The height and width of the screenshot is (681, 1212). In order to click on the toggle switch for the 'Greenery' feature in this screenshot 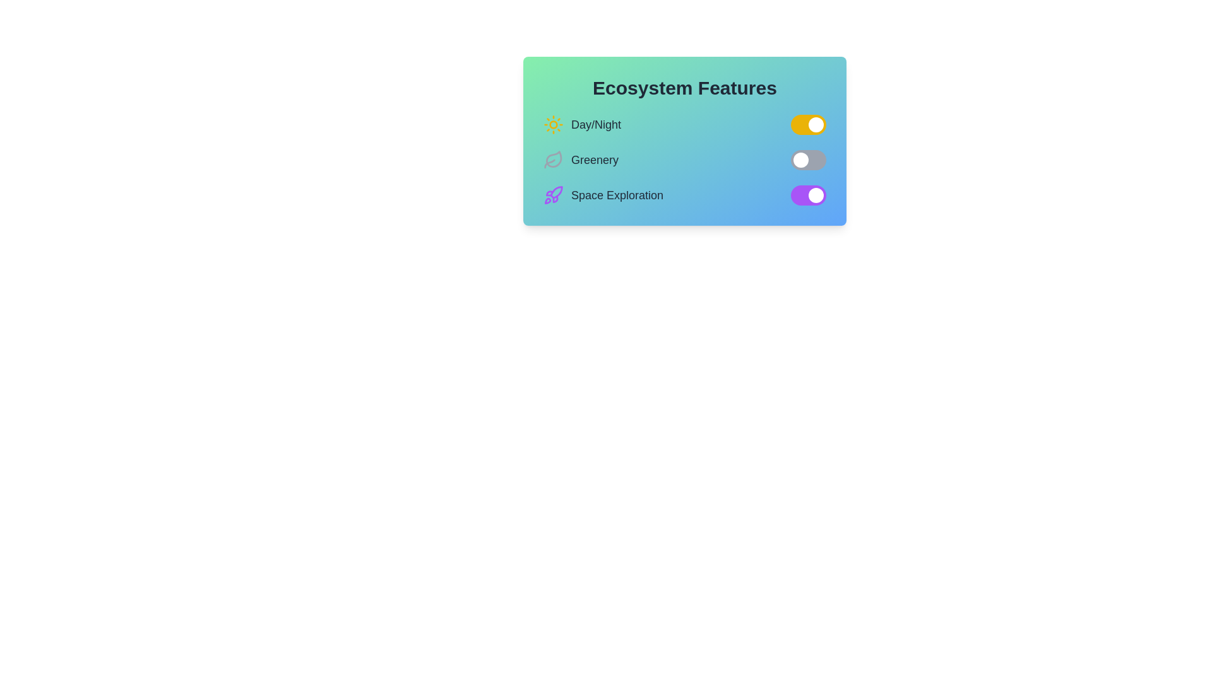, I will do `click(809, 160)`.